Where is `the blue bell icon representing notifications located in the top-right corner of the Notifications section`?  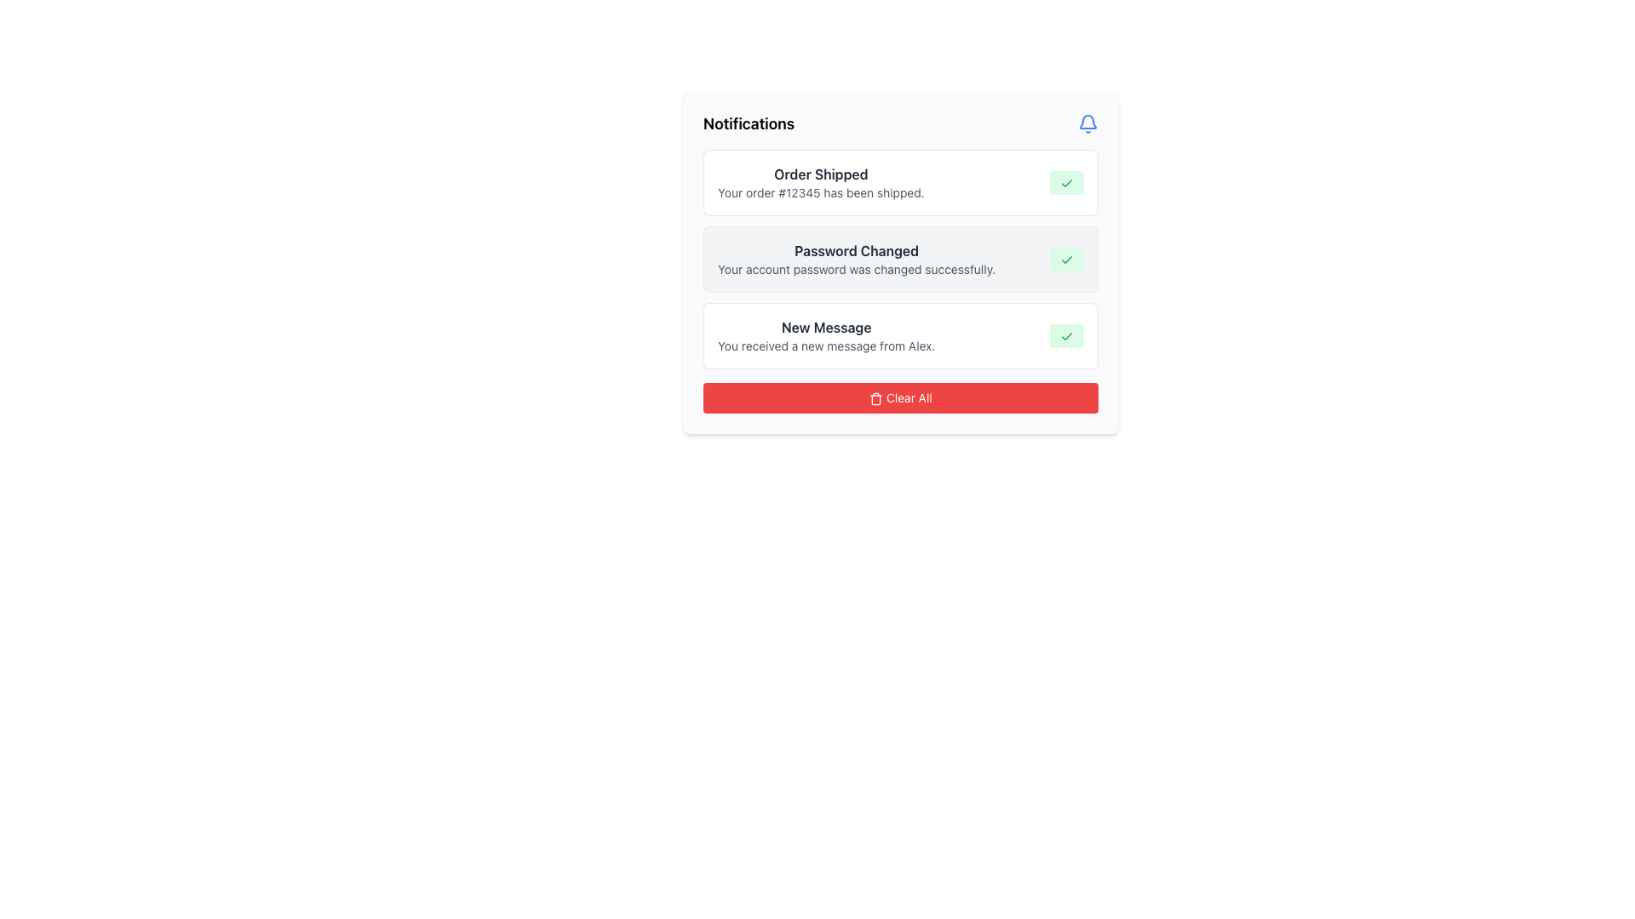
the blue bell icon representing notifications located in the top-right corner of the Notifications section is located at coordinates (1087, 123).